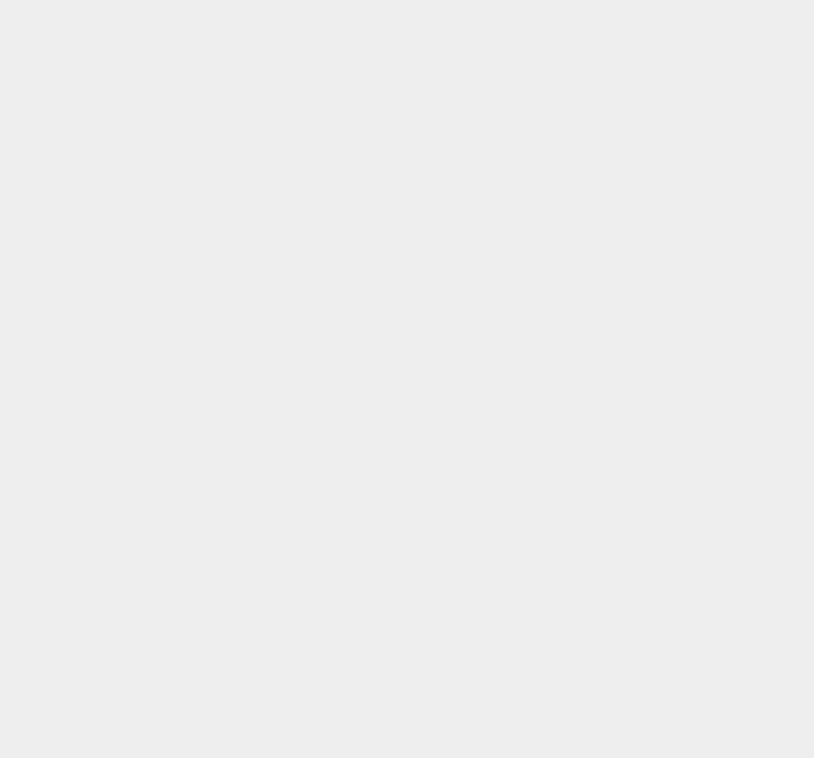 The image size is (814, 758). I want to click on 'macOS Beta', so click(602, 175).